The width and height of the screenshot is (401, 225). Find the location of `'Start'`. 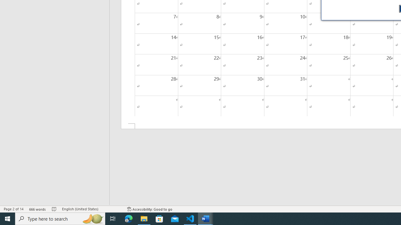

'Start' is located at coordinates (8, 218).